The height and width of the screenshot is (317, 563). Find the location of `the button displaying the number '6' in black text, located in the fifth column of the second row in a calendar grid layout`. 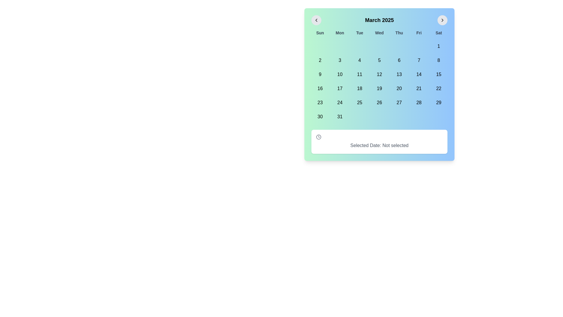

the button displaying the number '6' in black text, located in the fifth column of the second row in a calendar grid layout is located at coordinates (399, 60).